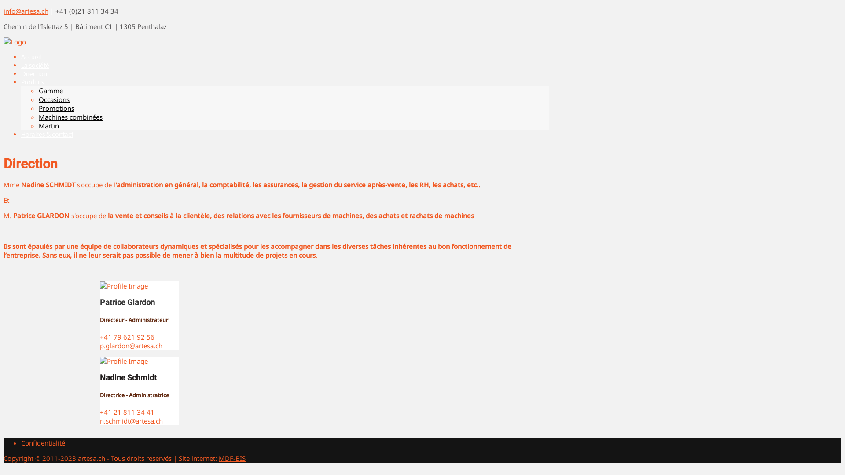 The height and width of the screenshot is (475, 845). Describe the element at coordinates (232, 457) in the screenshot. I see `'MDF-BIS'` at that location.